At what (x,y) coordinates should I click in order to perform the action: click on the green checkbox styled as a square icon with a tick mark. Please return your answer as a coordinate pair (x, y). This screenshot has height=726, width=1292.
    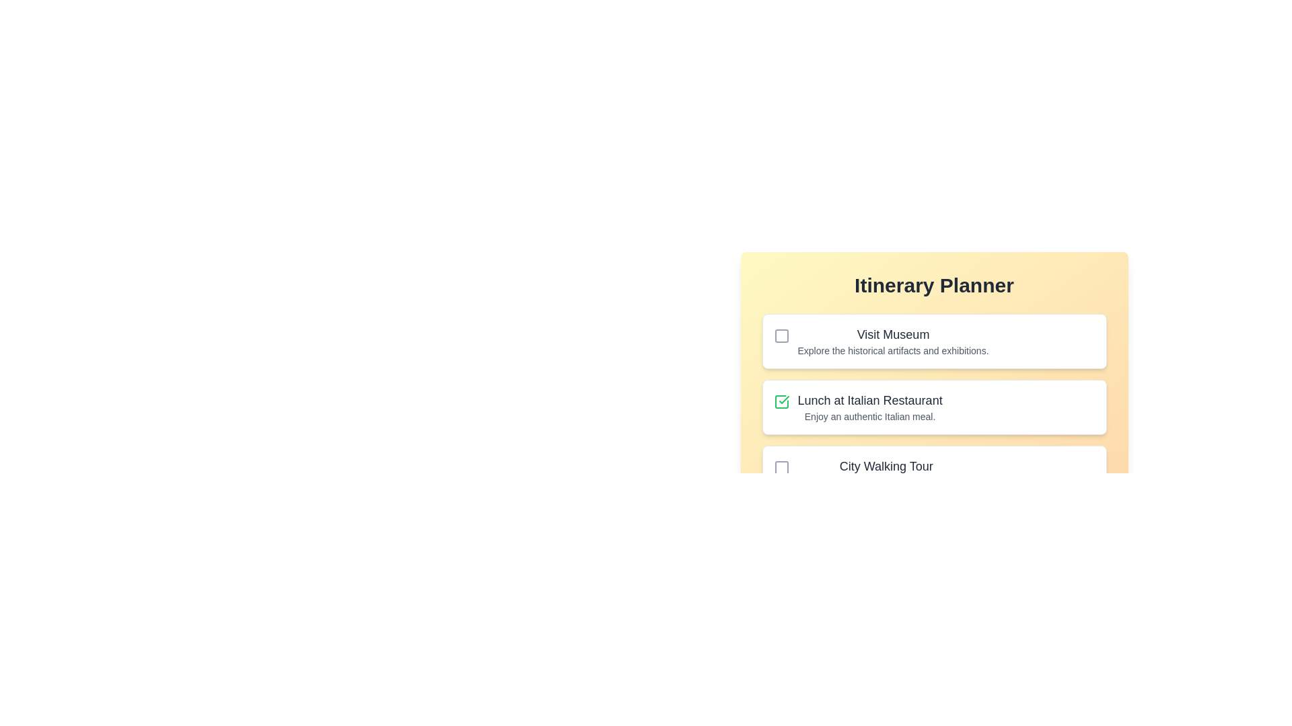
    Looking at the image, I should click on (781, 401).